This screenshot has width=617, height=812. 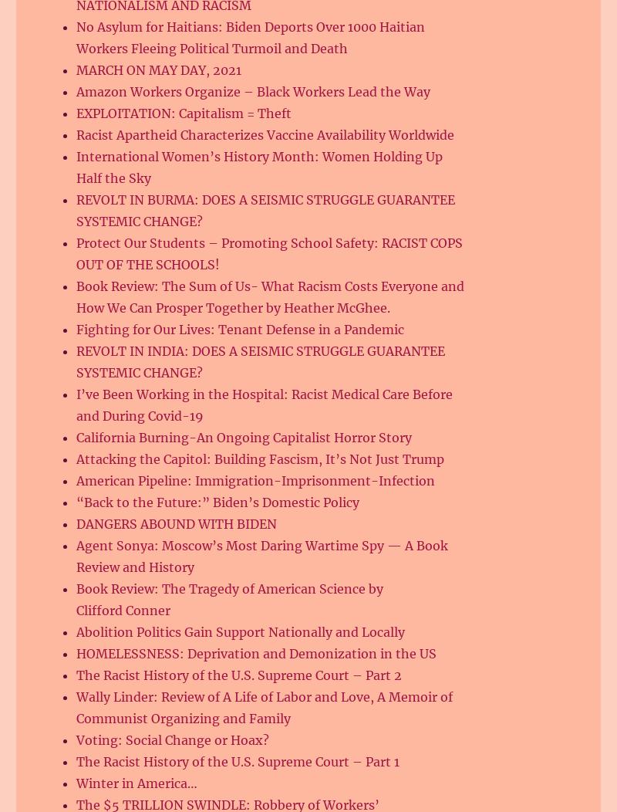 What do you see at coordinates (76, 674) in the screenshot?
I see `'The Racist History of the U.S. Supreme Court – Part 2'` at bounding box center [76, 674].